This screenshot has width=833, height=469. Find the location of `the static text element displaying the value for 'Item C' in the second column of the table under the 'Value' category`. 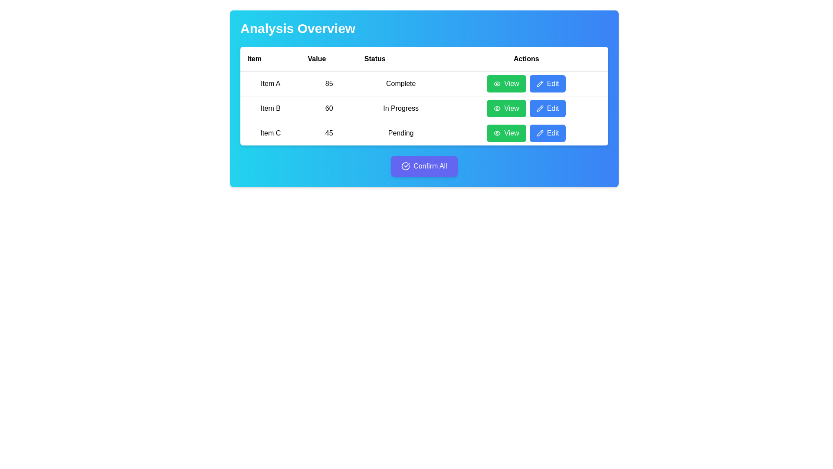

the static text element displaying the value for 'Item C' in the second column of the table under the 'Value' category is located at coordinates (328, 133).